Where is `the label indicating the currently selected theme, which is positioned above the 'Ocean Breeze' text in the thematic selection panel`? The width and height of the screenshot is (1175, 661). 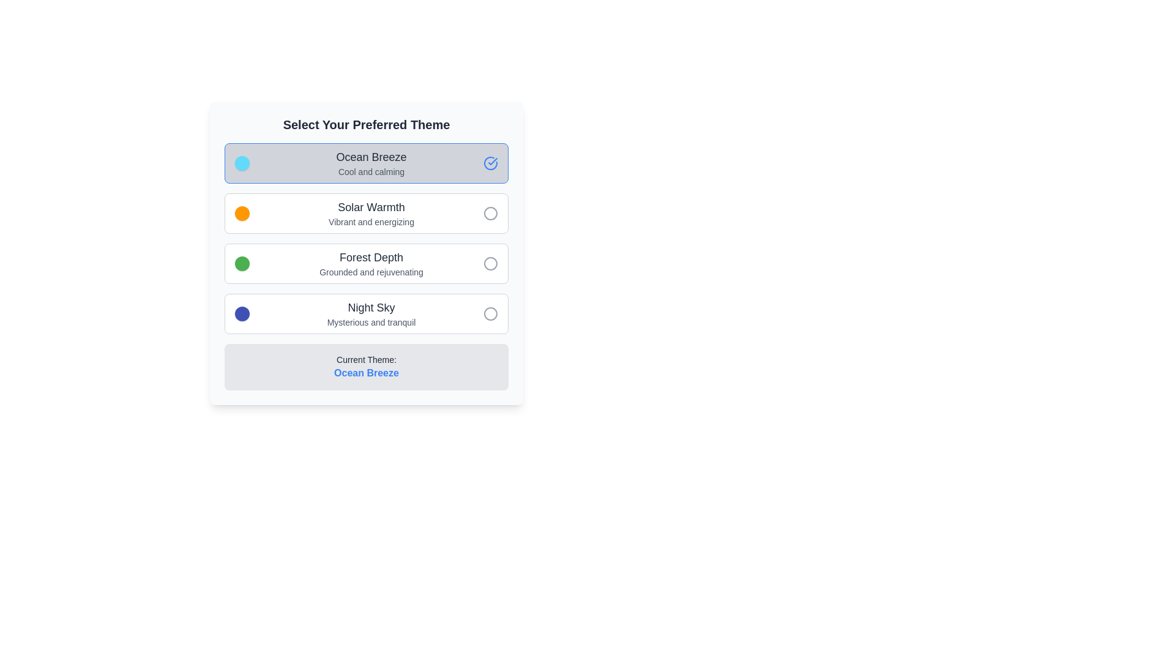 the label indicating the currently selected theme, which is positioned above the 'Ocean Breeze' text in the thematic selection panel is located at coordinates (366, 359).